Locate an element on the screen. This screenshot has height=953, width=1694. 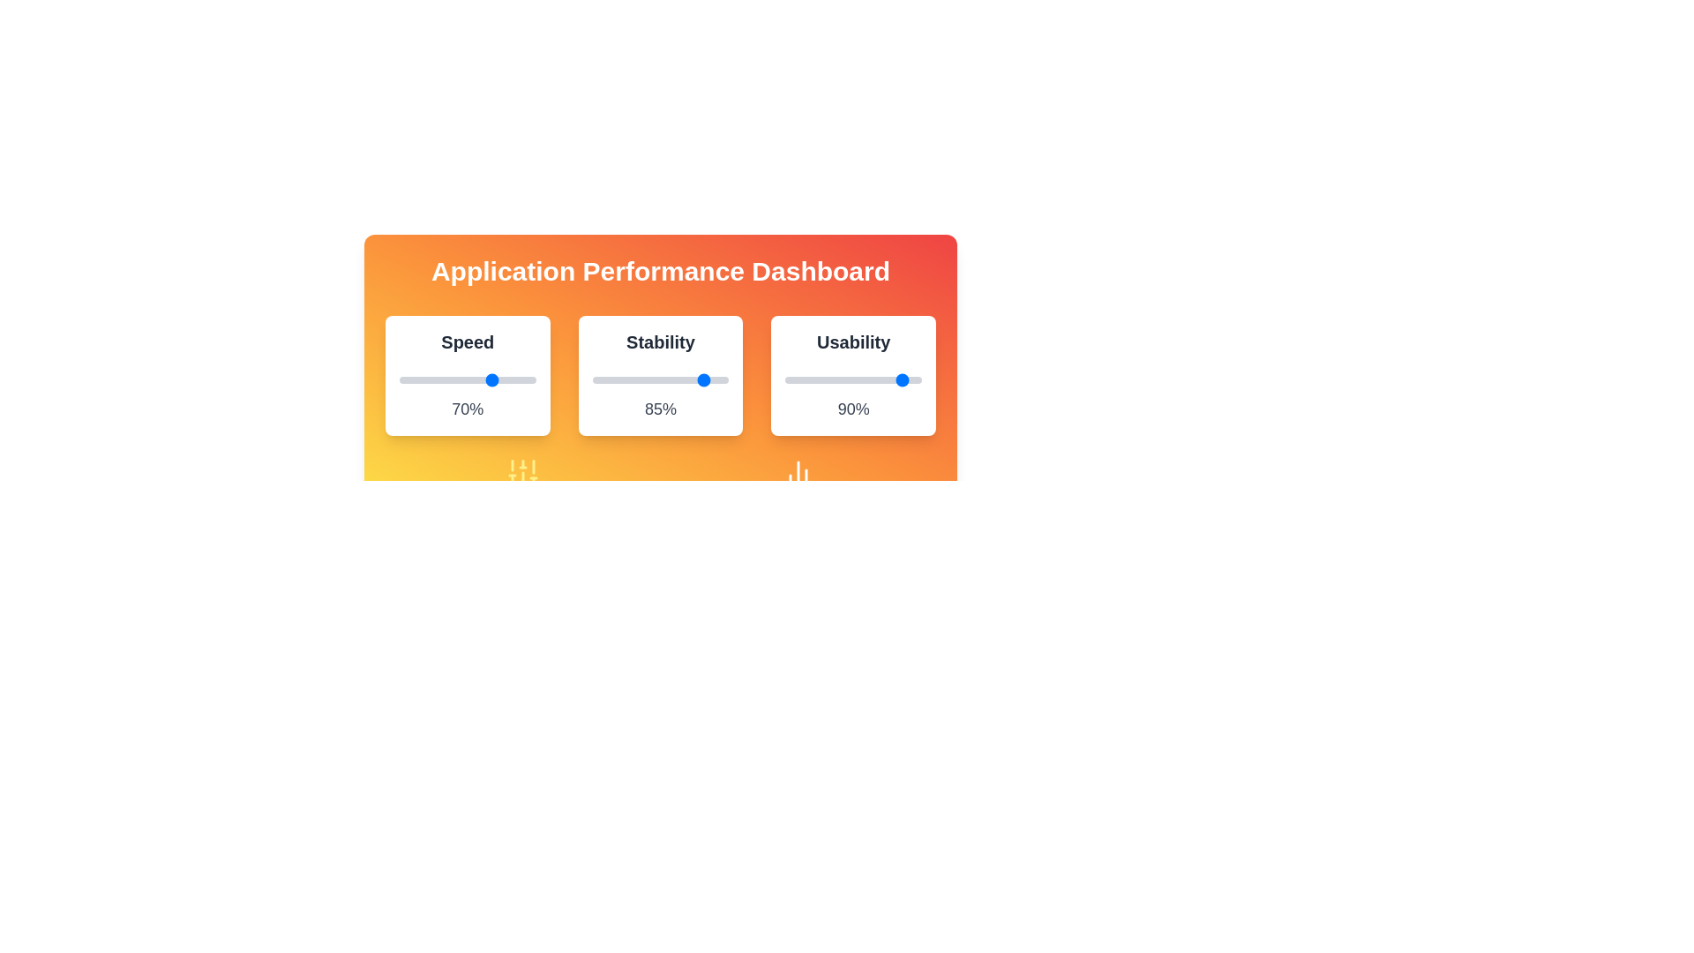
the icon button labeled BarChart below the metrics is located at coordinates (798, 472).